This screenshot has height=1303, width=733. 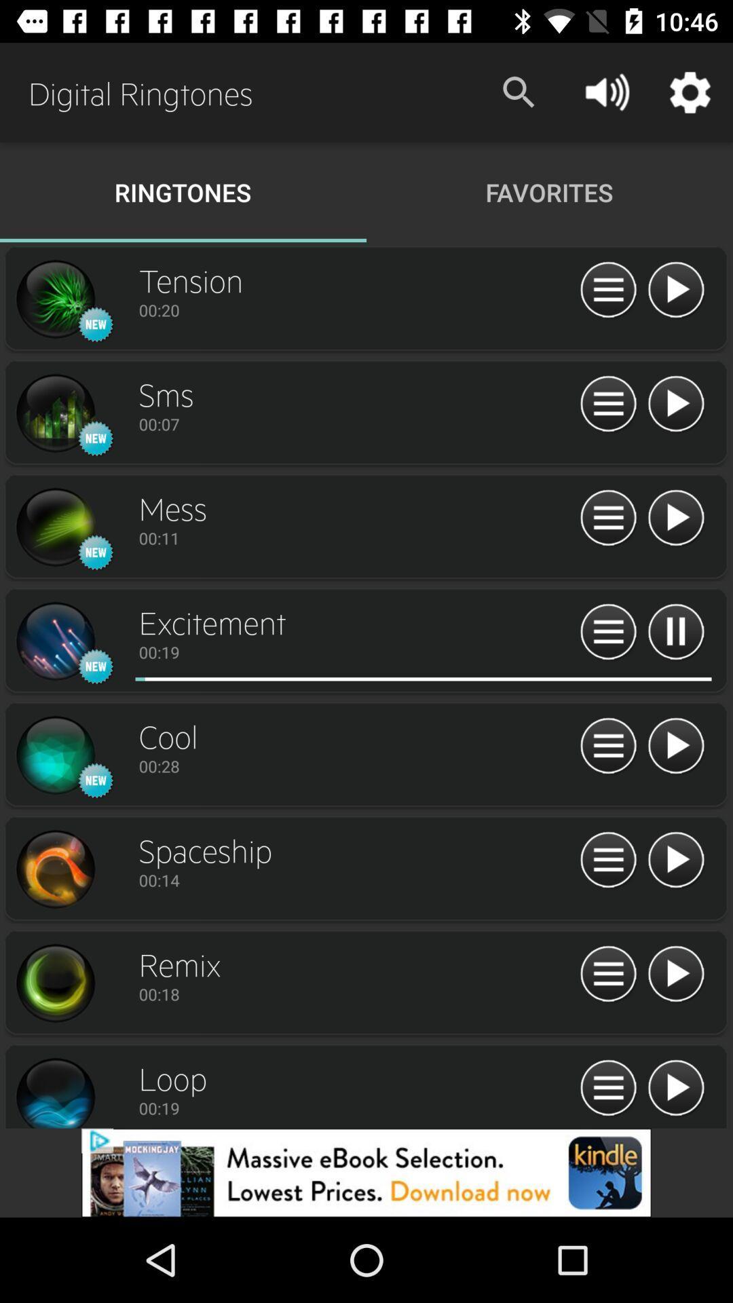 I want to click on open menu, so click(x=607, y=746).